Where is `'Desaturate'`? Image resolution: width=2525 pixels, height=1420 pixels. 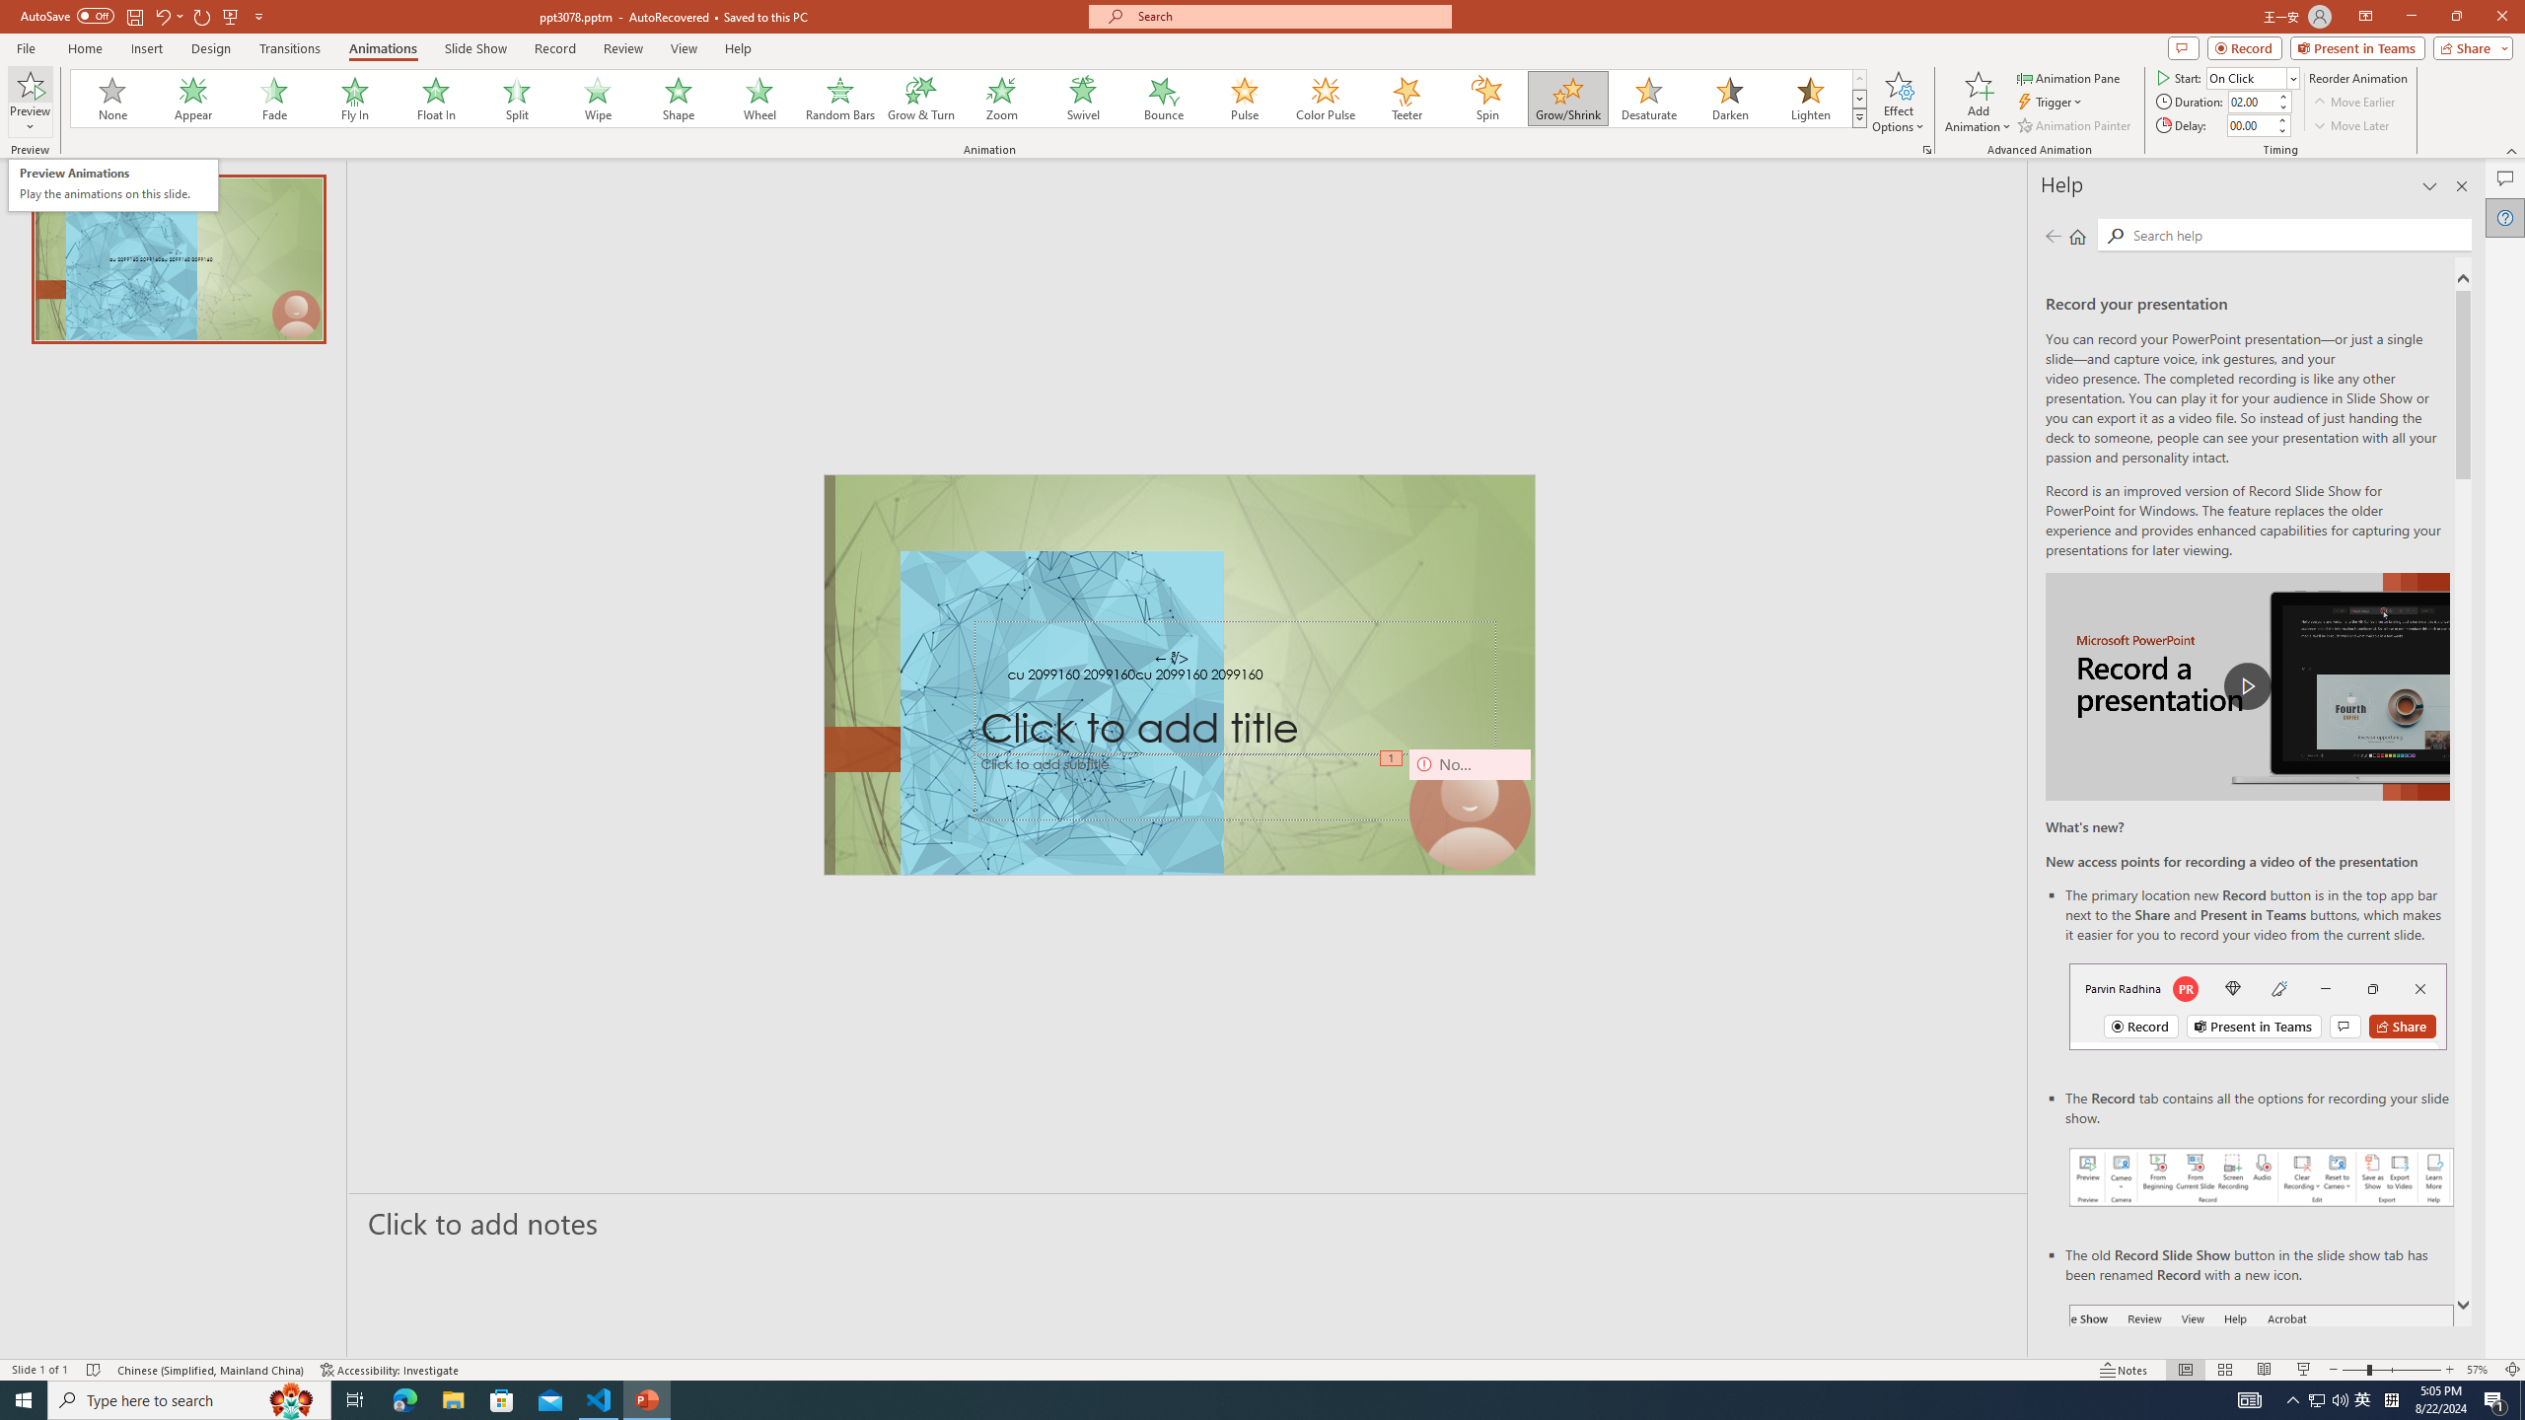
'Desaturate' is located at coordinates (1648, 98).